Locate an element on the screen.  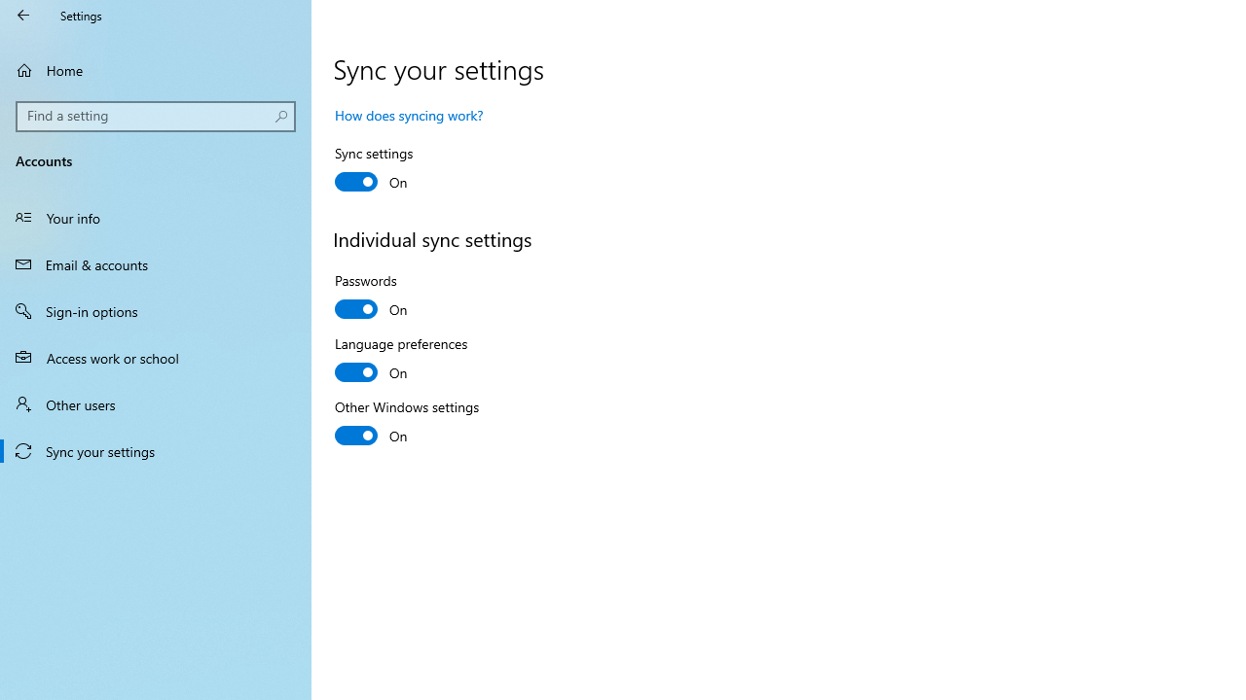
'Other users' is located at coordinates (156, 402).